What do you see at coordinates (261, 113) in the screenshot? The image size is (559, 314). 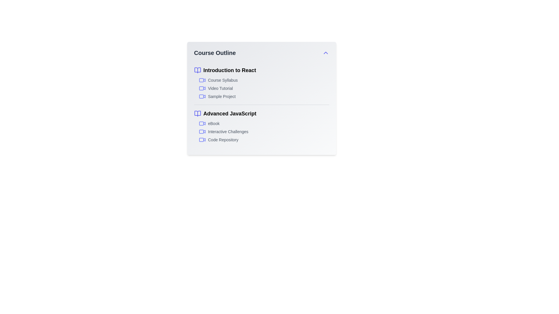 I see `the text of the course title Advanced JavaScript` at bounding box center [261, 113].